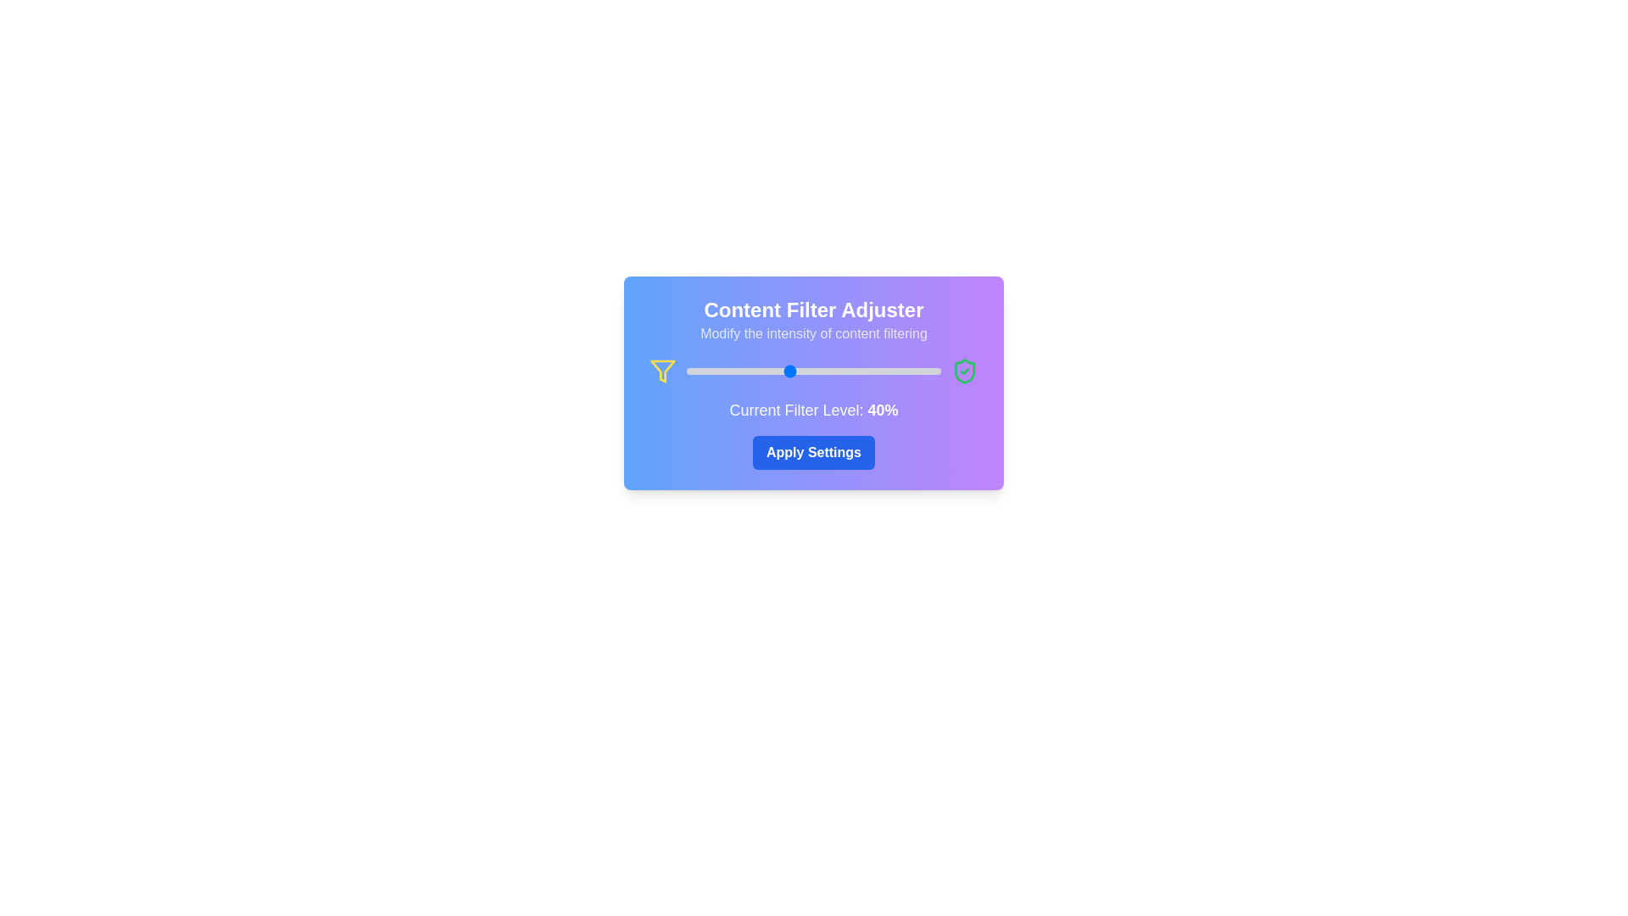  I want to click on the content filter level to 62% by dragging the slider, so click(845, 371).